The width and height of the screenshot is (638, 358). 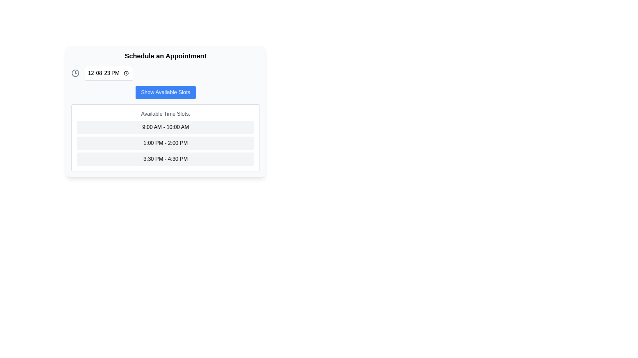 What do you see at coordinates (165, 92) in the screenshot?
I see `the blue button with rounded corners labeled 'Show Available Slots'` at bounding box center [165, 92].